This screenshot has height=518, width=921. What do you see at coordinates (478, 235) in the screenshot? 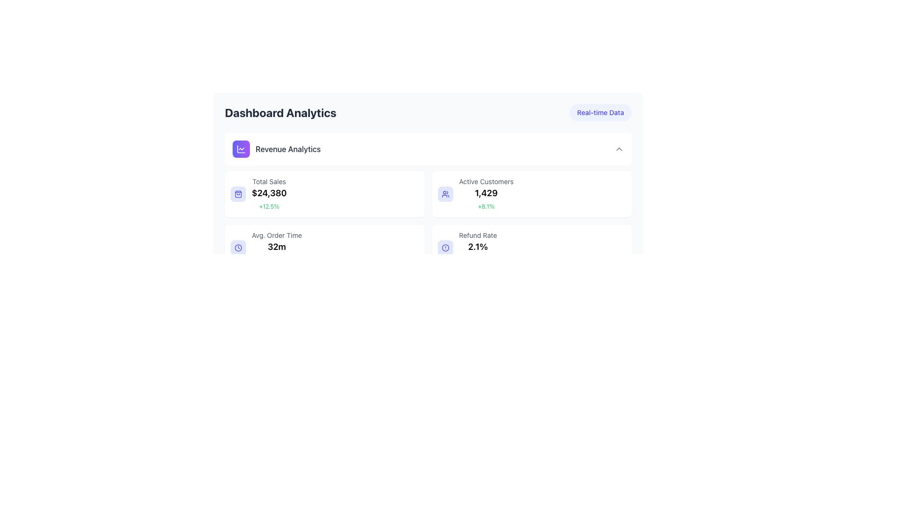
I see `the text label that reads 'Refund Rate', which is styled in a small gray font and located in the lower-right segment of the interface` at bounding box center [478, 235].